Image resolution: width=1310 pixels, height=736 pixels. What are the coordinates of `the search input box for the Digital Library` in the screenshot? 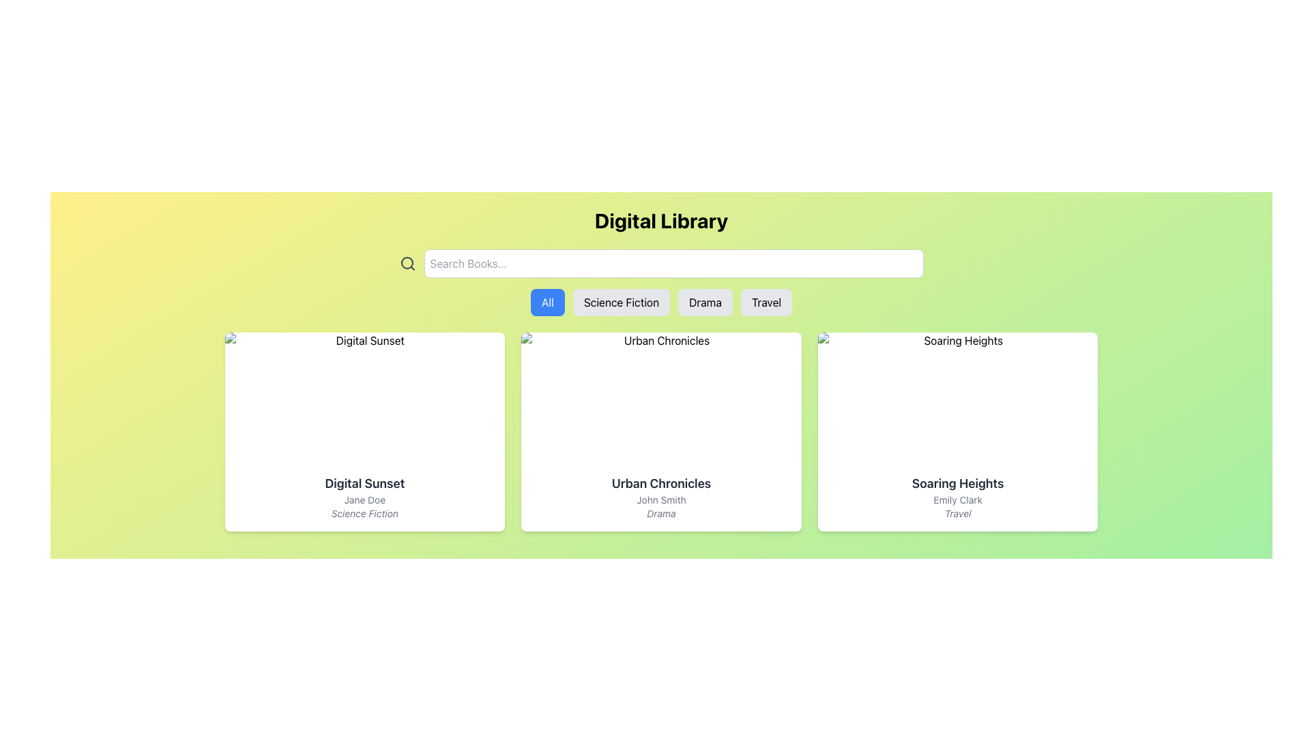 It's located at (673, 263).